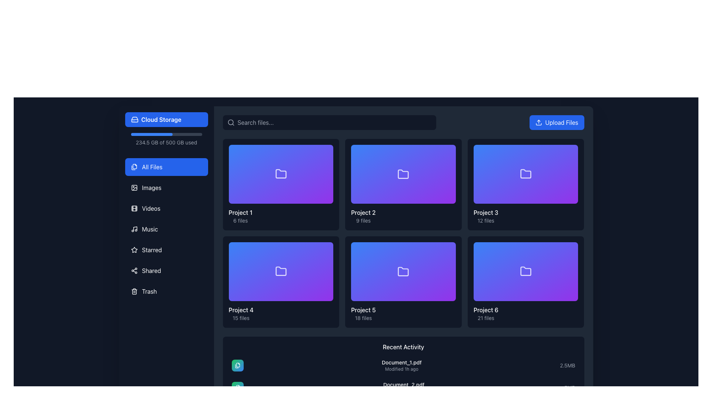 Image resolution: width=711 pixels, height=400 pixels. What do you see at coordinates (556, 122) in the screenshot?
I see `the 'Upload Files' button located in the top-right corner of the main content section` at bounding box center [556, 122].